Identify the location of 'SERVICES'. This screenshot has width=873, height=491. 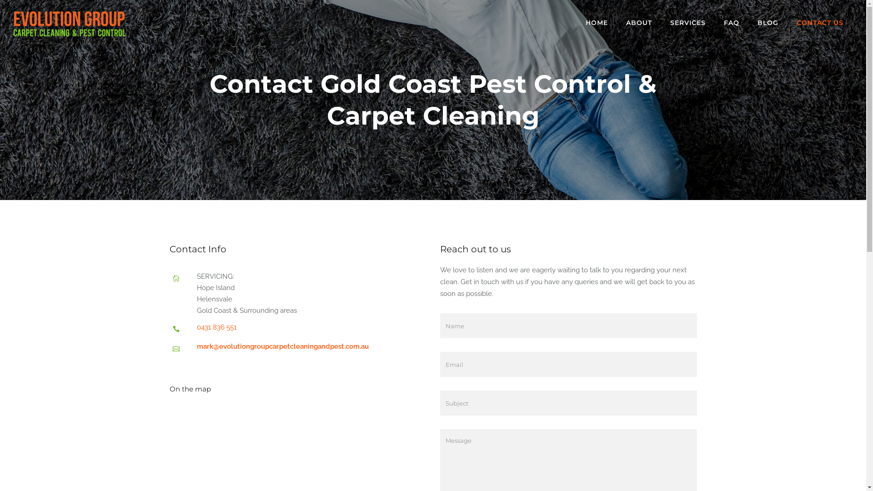
(687, 22).